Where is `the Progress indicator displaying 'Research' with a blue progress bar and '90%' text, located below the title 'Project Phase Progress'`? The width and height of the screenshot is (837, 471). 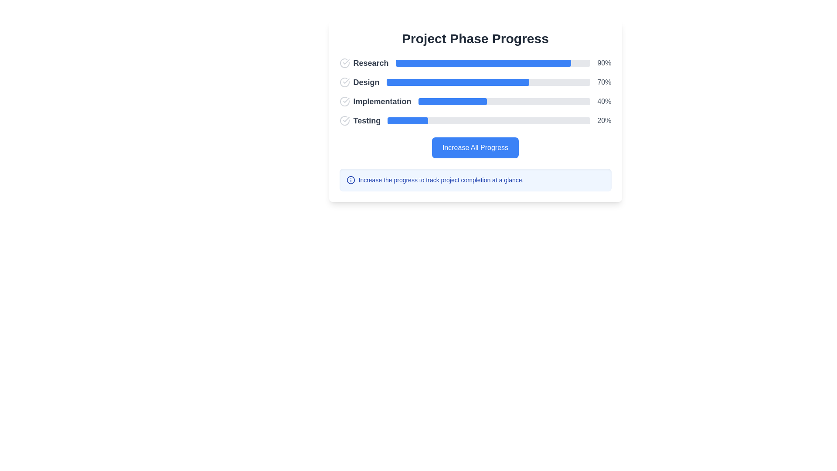 the Progress indicator displaying 'Research' with a blue progress bar and '90%' text, located below the title 'Project Phase Progress' is located at coordinates (475, 63).